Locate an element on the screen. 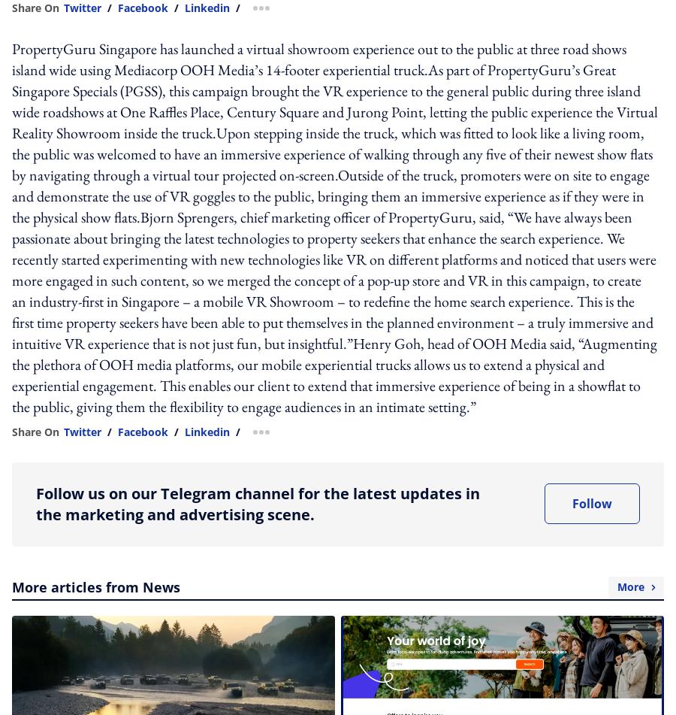 The height and width of the screenshot is (715, 676). 'Lighthouse Independent Media. All rights reserved.' is located at coordinates (47, 526).